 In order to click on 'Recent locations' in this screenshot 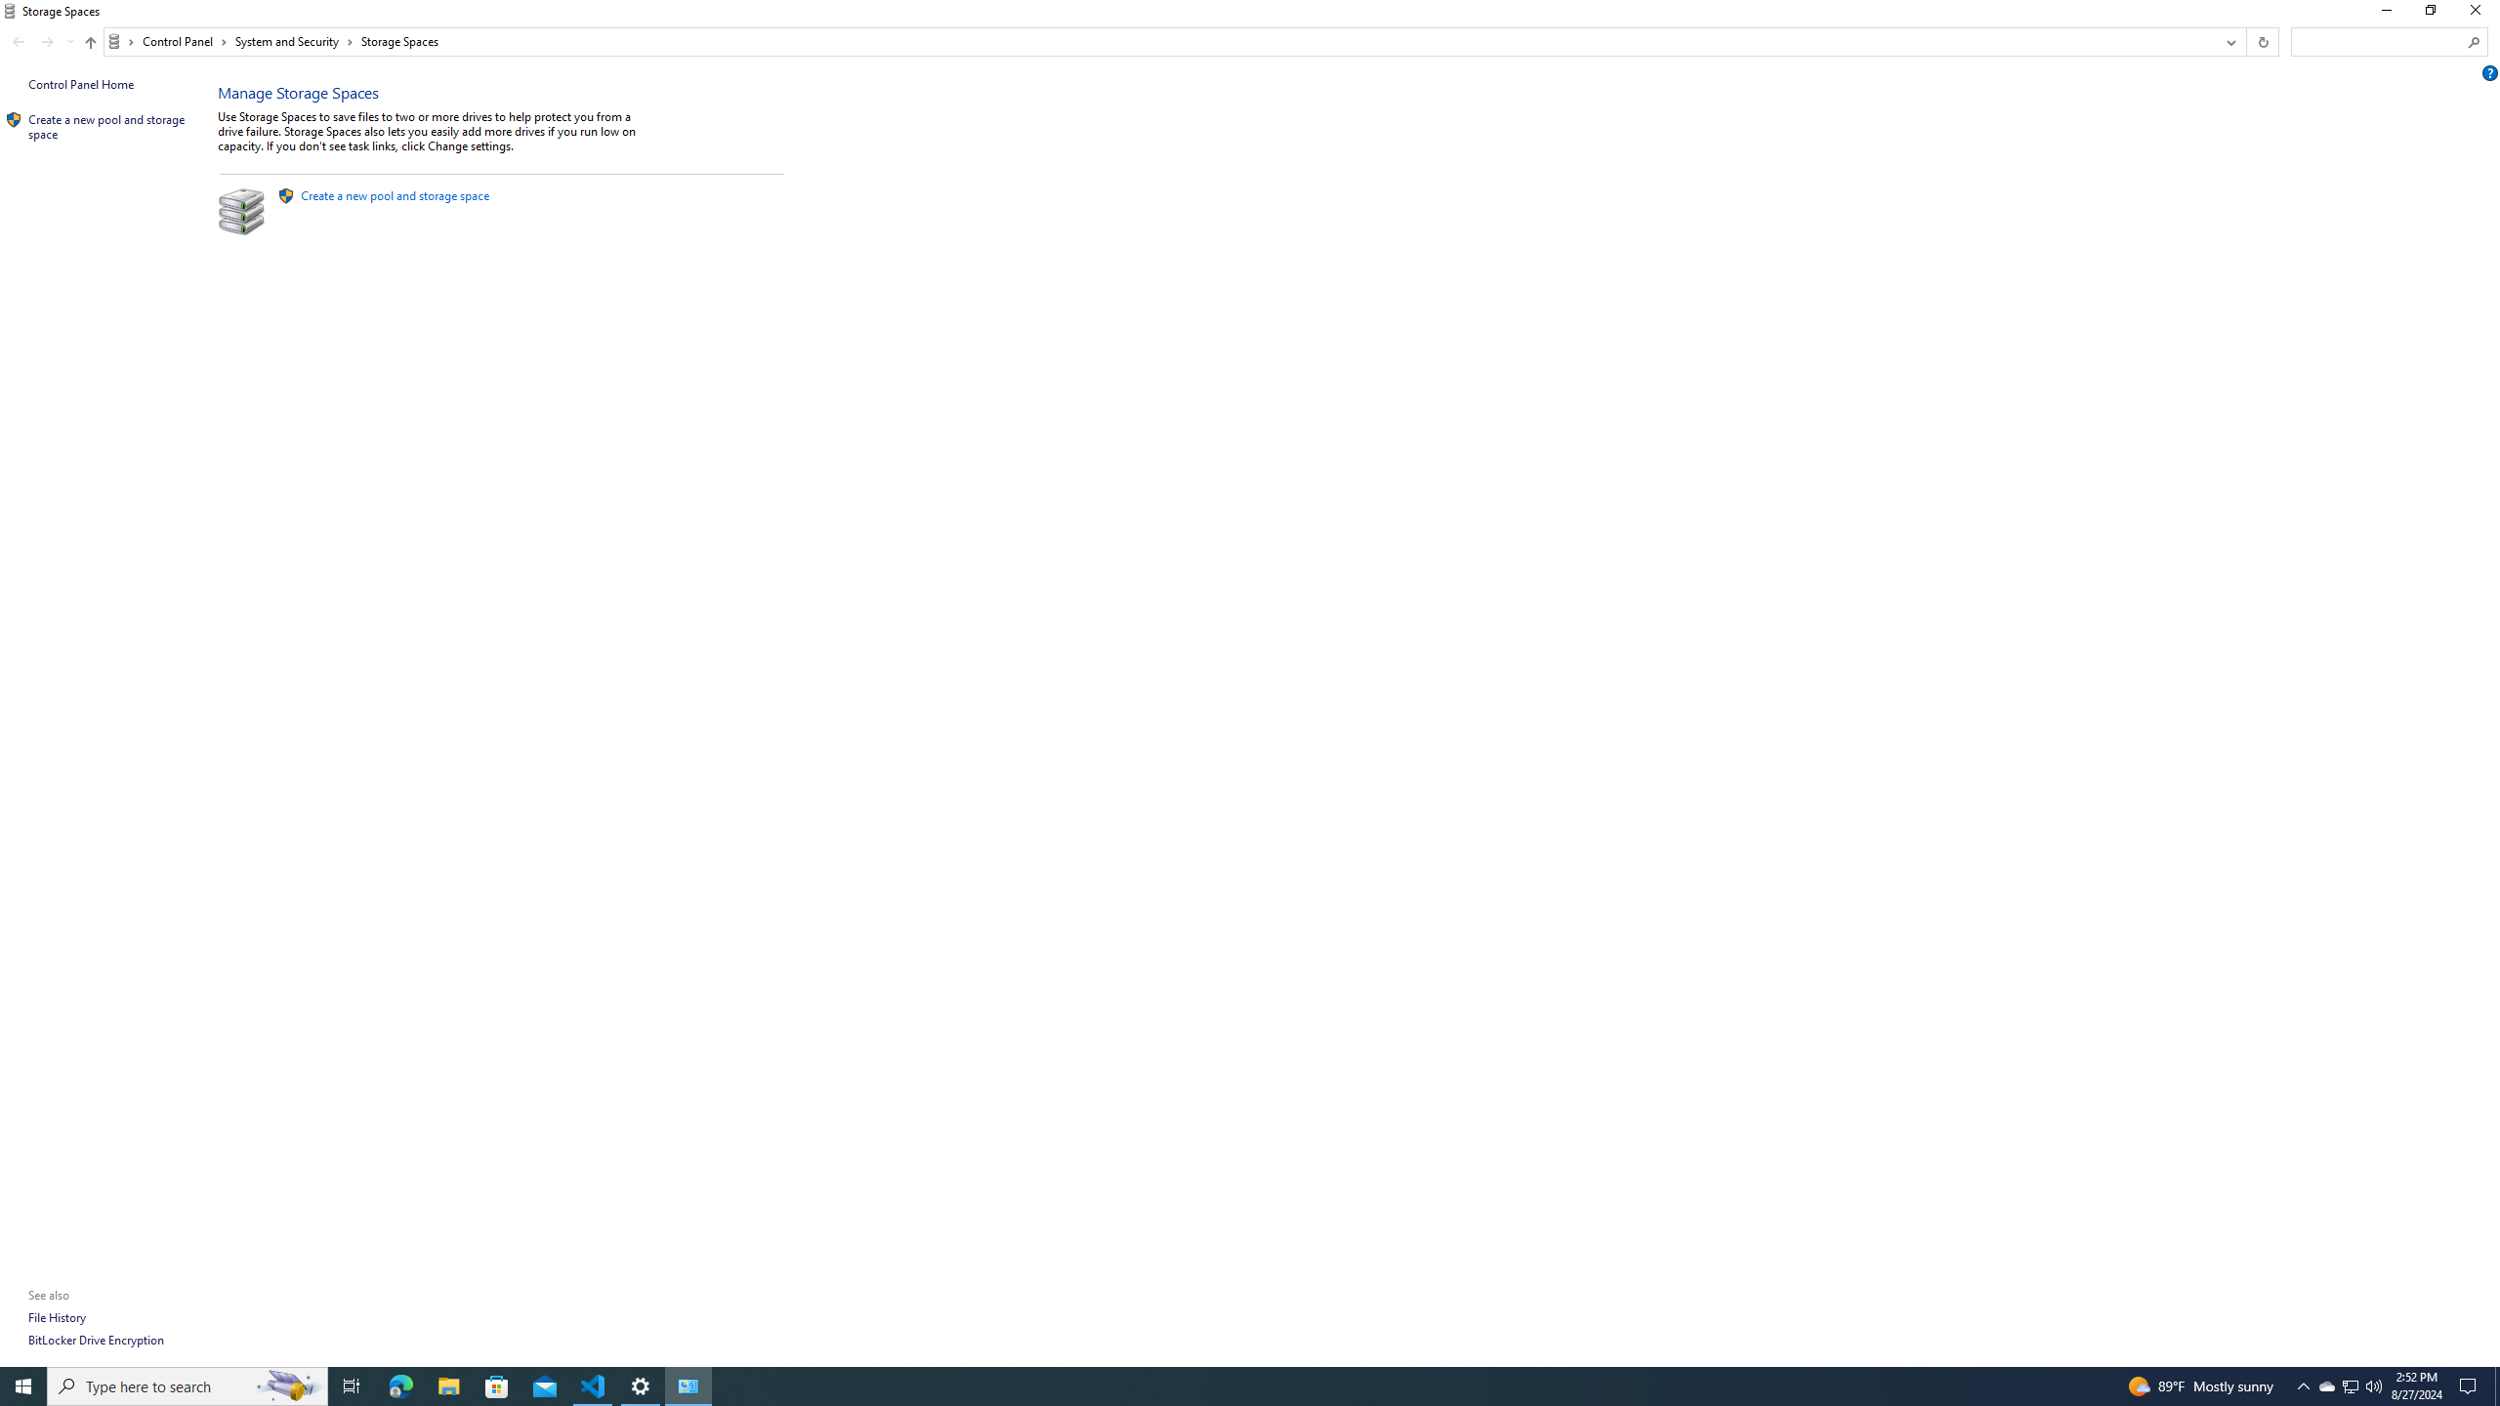, I will do `click(68, 41)`.